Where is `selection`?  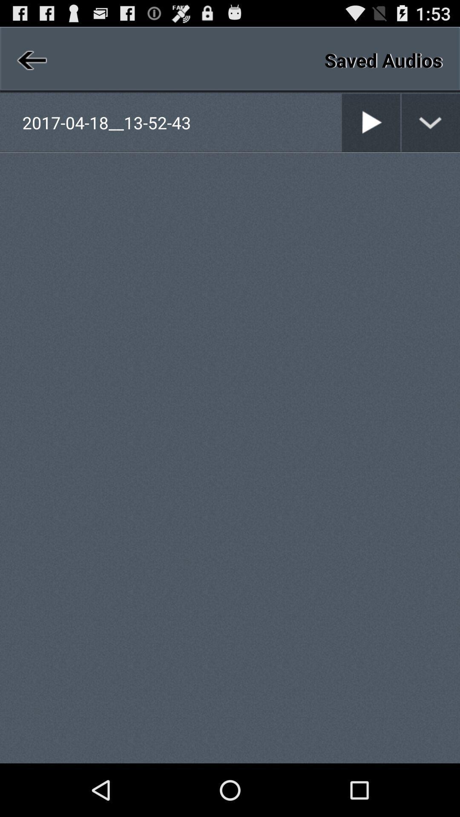
selection is located at coordinates (371, 122).